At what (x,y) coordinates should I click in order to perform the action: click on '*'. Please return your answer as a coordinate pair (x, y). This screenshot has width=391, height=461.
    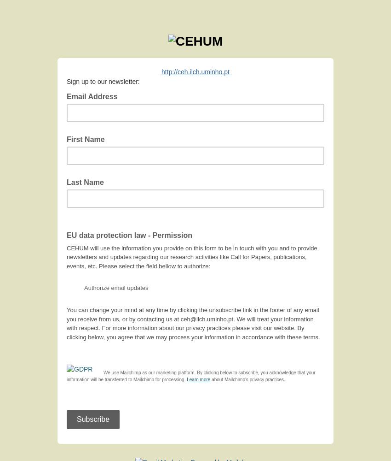
    Looking at the image, I should click on (119, 95).